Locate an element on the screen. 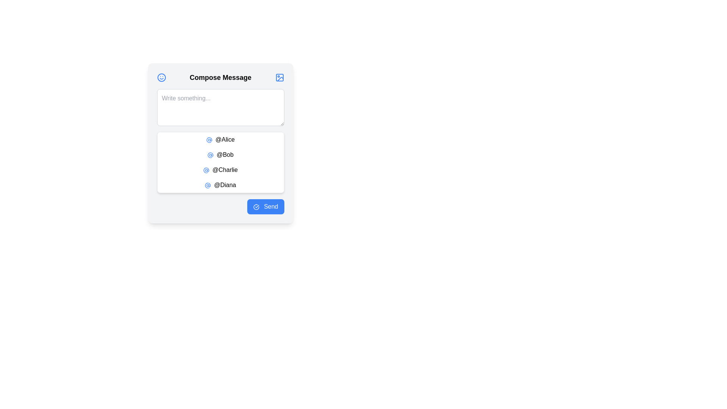 The height and width of the screenshot is (409, 727). the SVG-based icon for the suggestion item '@Bob', which is located to the left of the text in the second suggestion of the dropdown list is located at coordinates (211, 155).